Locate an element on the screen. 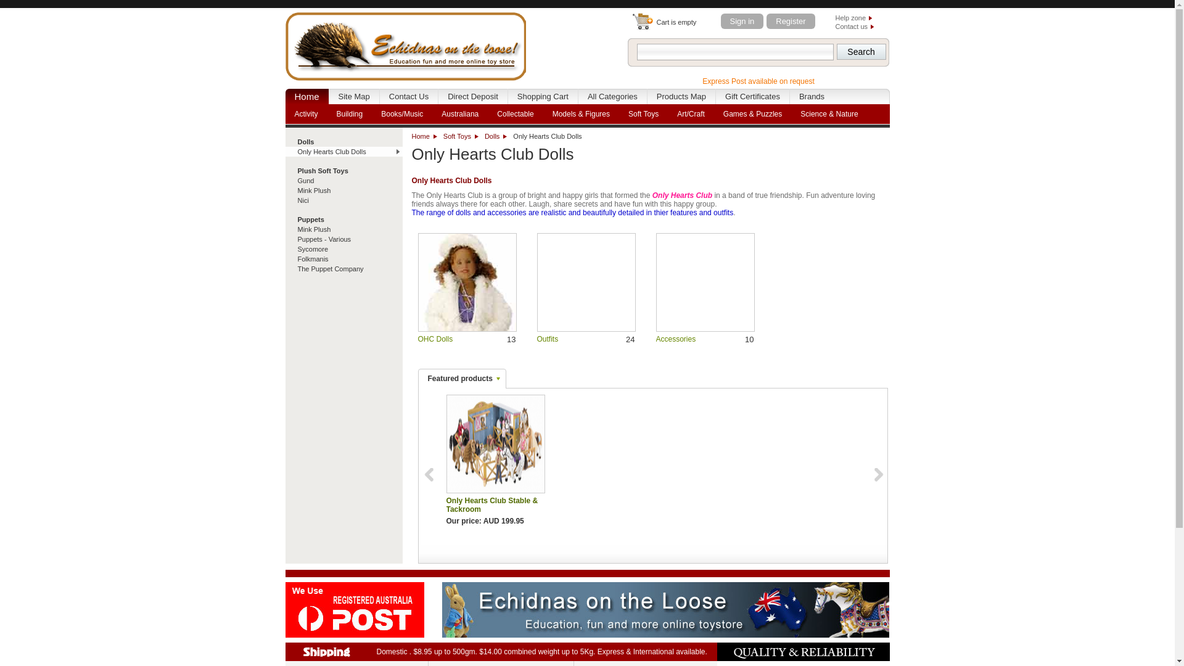 The width and height of the screenshot is (1184, 666). 'Brands' is located at coordinates (812, 96).